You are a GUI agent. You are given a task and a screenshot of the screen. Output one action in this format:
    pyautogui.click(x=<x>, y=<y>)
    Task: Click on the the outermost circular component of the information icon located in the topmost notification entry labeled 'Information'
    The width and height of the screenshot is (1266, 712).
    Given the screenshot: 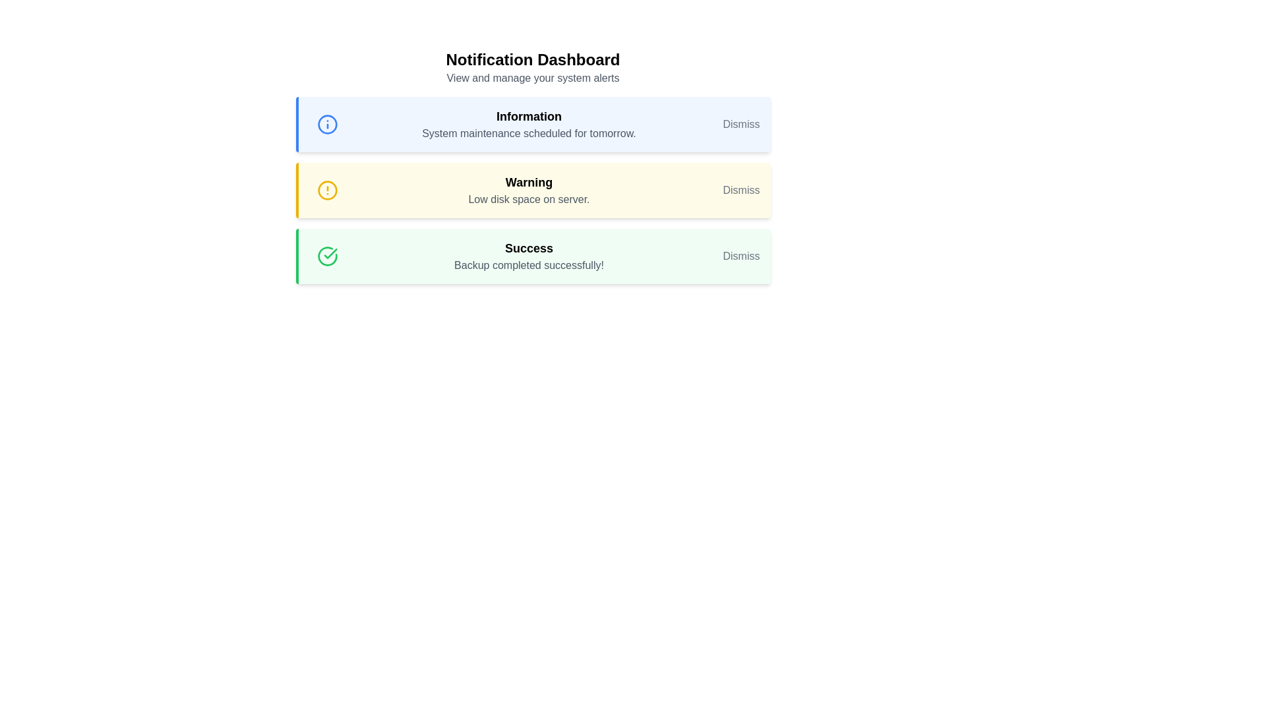 What is the action you would take?
    pyautogui.click(x=327, y=125)
    